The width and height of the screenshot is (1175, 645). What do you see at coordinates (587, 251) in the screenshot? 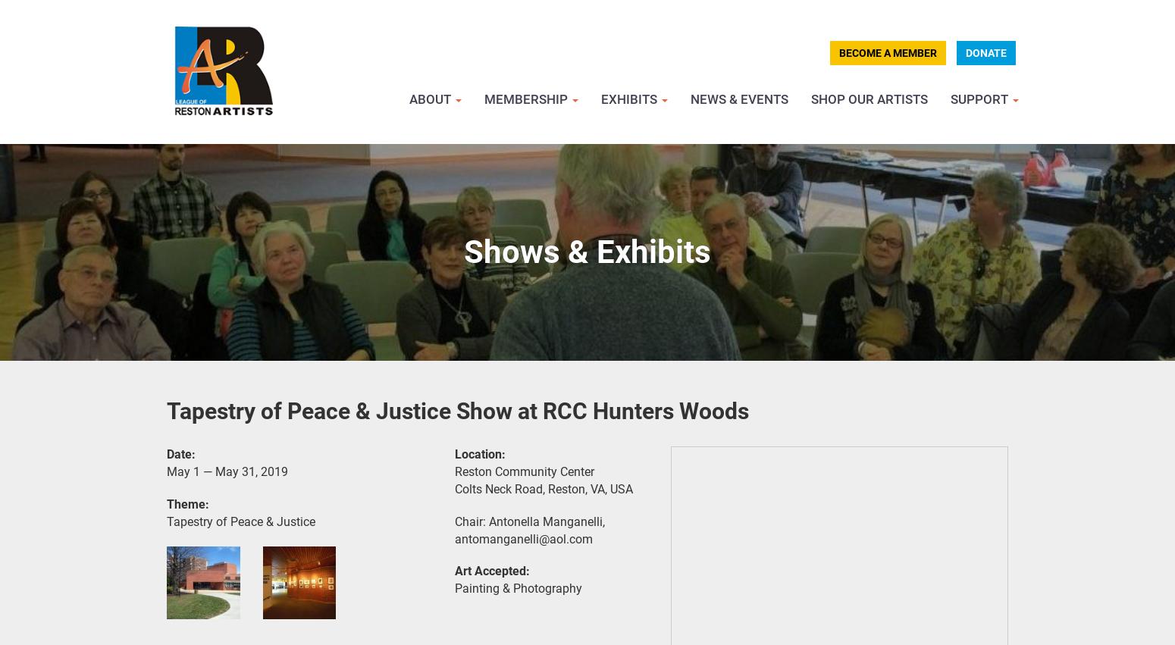
I see `'Shows & Exhibits'` at bounding box center [587, 251].